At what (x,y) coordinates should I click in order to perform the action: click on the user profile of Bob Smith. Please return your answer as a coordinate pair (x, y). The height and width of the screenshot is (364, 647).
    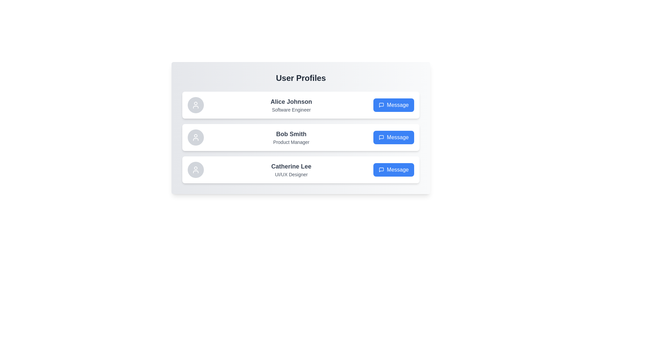
    Looking at the image, I should click on (300, 137).